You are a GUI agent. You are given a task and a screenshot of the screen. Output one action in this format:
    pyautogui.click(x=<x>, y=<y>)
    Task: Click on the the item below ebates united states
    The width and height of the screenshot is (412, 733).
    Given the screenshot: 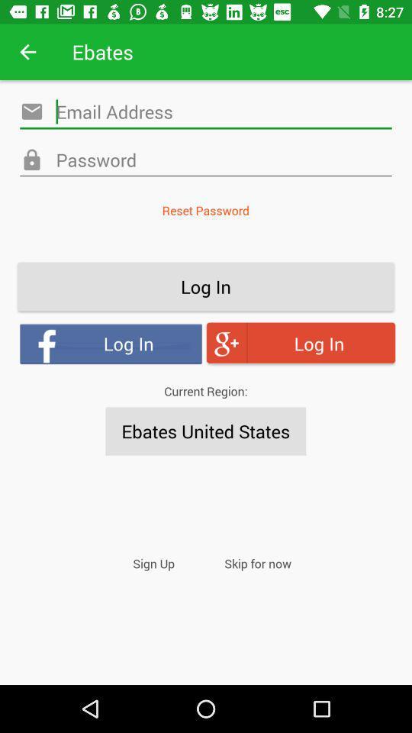 What is the action you would take?
    pyautogui.click(x=257, y=563)
    